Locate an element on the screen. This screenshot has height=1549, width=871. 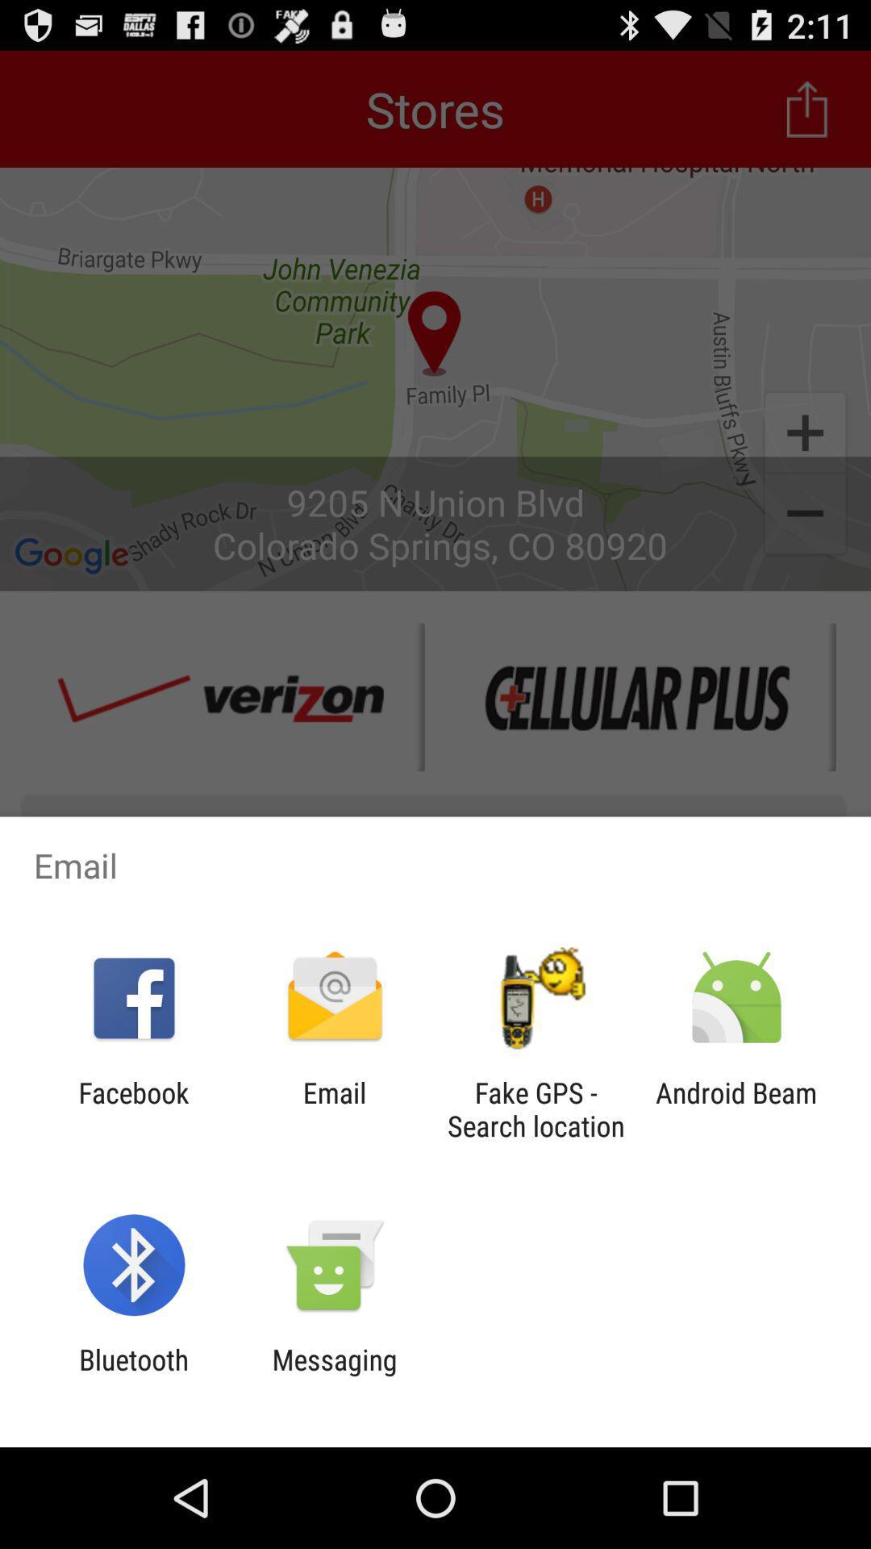
icon to the right of the fake gps search item is located at coordinates (736, 1109).